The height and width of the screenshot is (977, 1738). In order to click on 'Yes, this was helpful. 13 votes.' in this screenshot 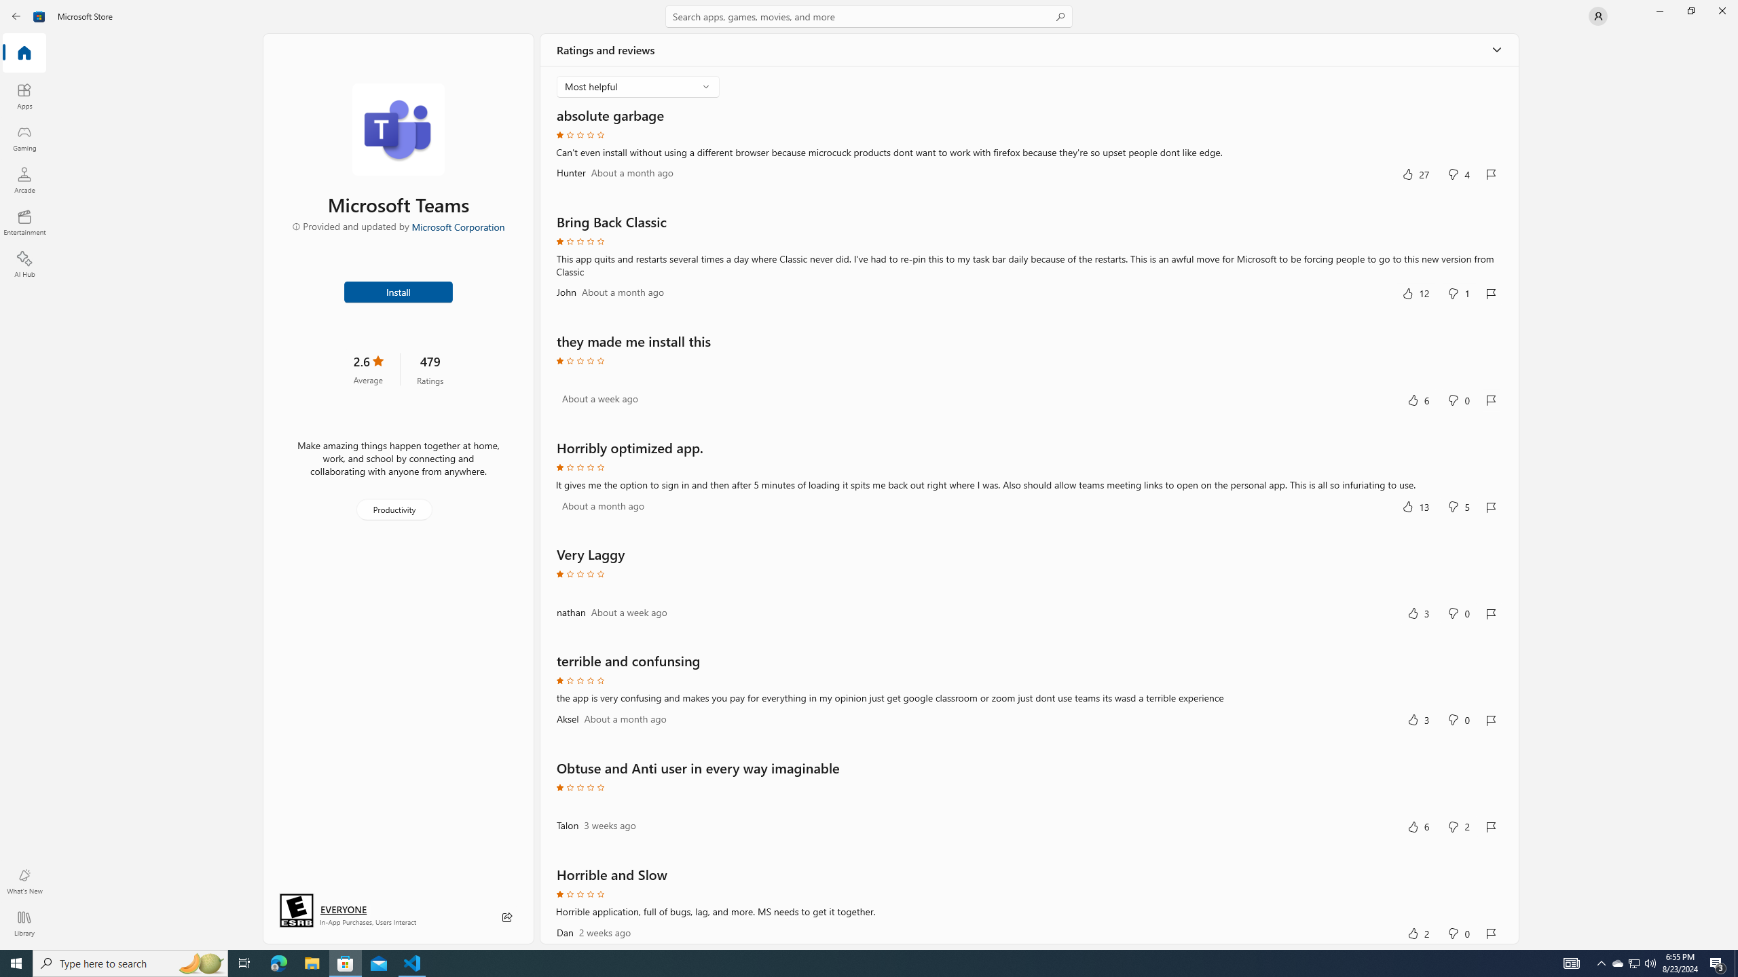, I will do `click(1415, 506)`.